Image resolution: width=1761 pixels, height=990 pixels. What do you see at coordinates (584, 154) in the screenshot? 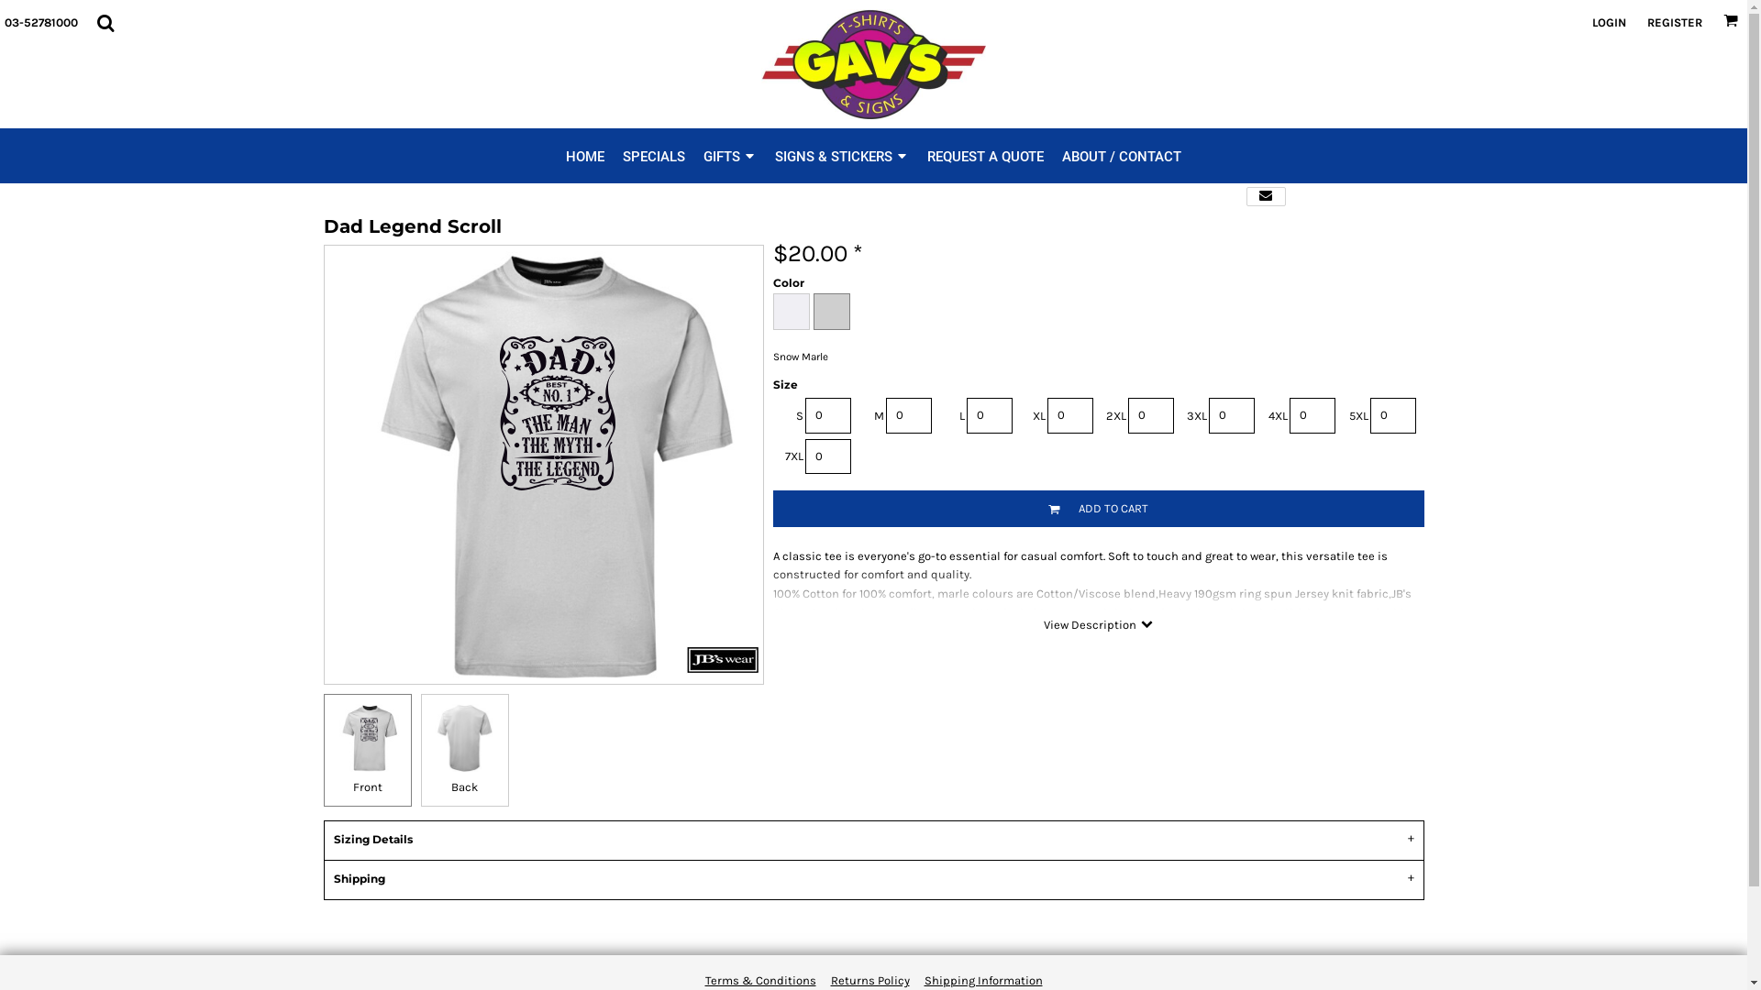
I see `'HOME'` at bounding box center [584, 154].